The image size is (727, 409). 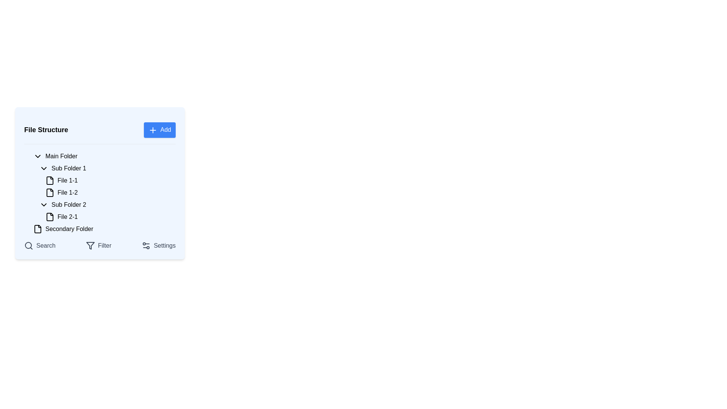 What do you see at coordinates (29, 245) in the screenshot?
I see `the search icon located immediately to the left of the text 'Search' in the File Structure panel` at bounding box center [29, 245].